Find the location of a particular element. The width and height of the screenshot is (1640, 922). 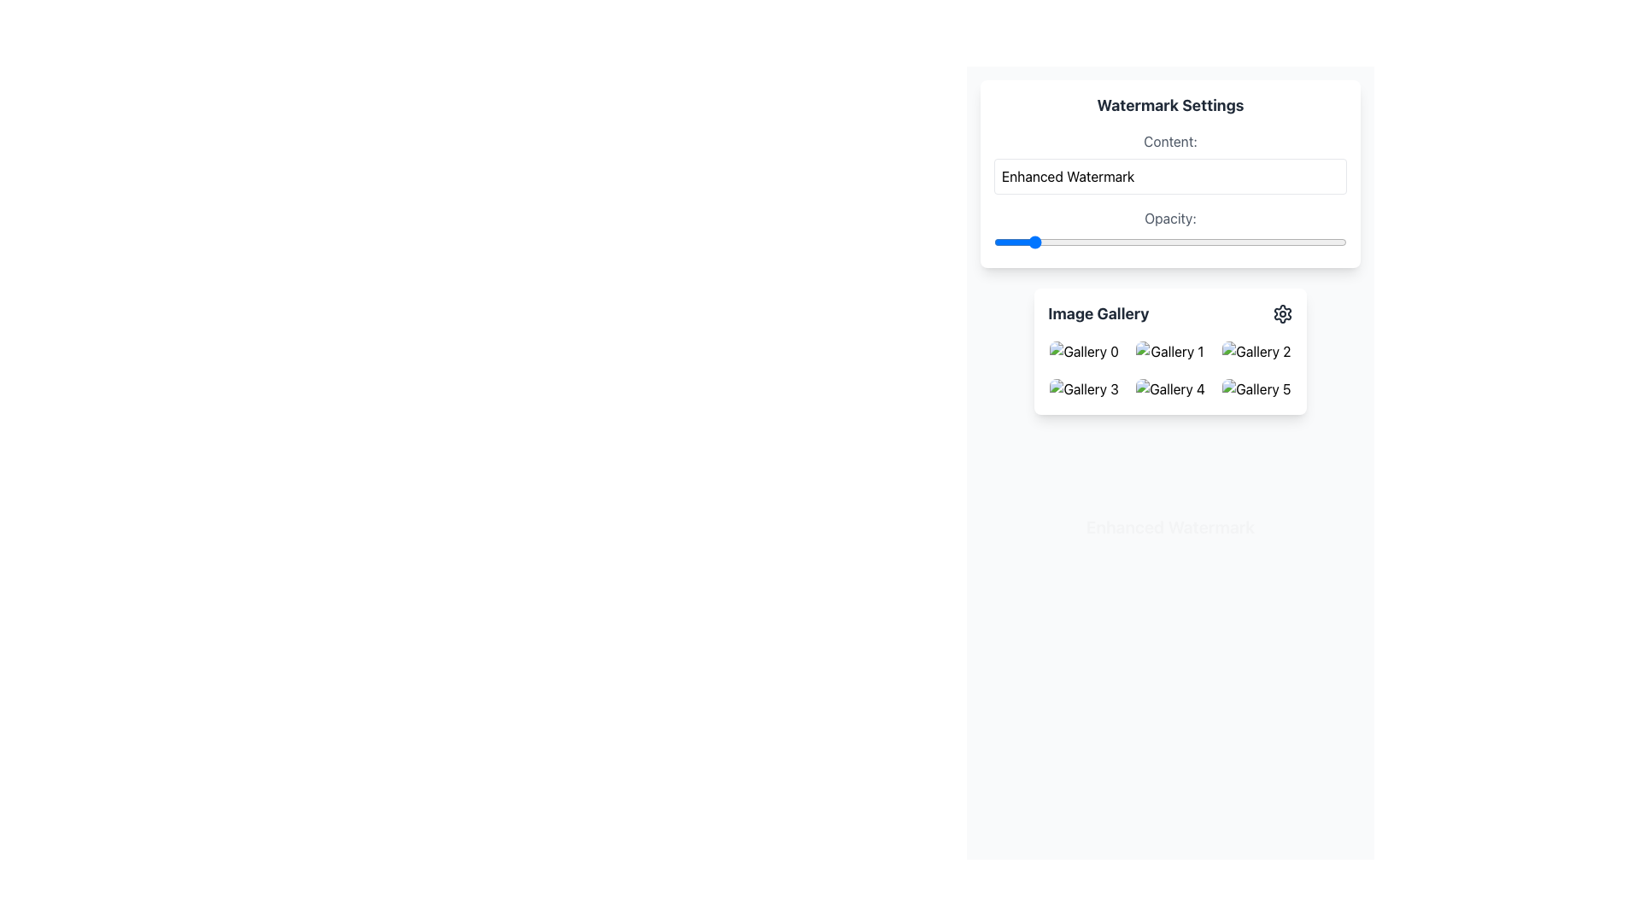

the thumbnail in the 'Image Gallery' grid is located at coordinates (1168, 370).